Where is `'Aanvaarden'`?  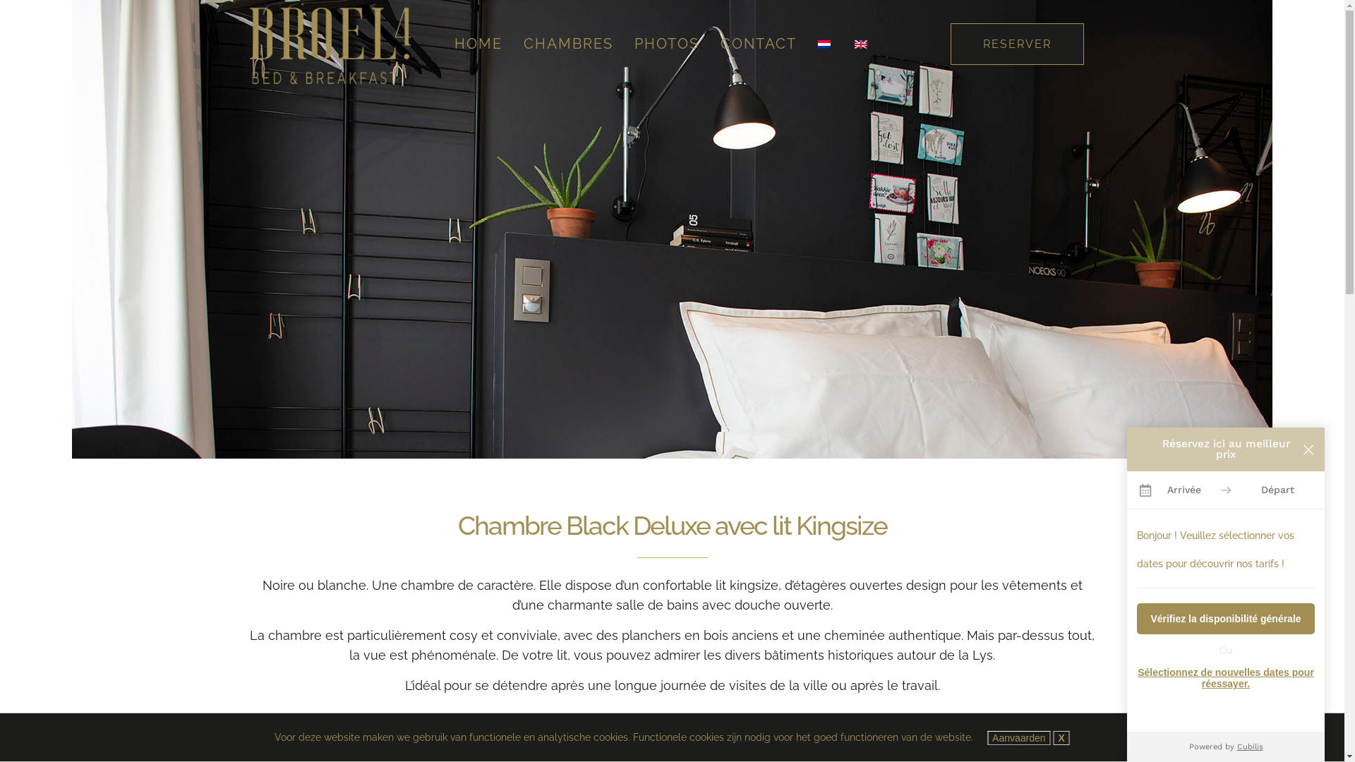 'Aanvaarden' is located at coordinates (1019, 737).